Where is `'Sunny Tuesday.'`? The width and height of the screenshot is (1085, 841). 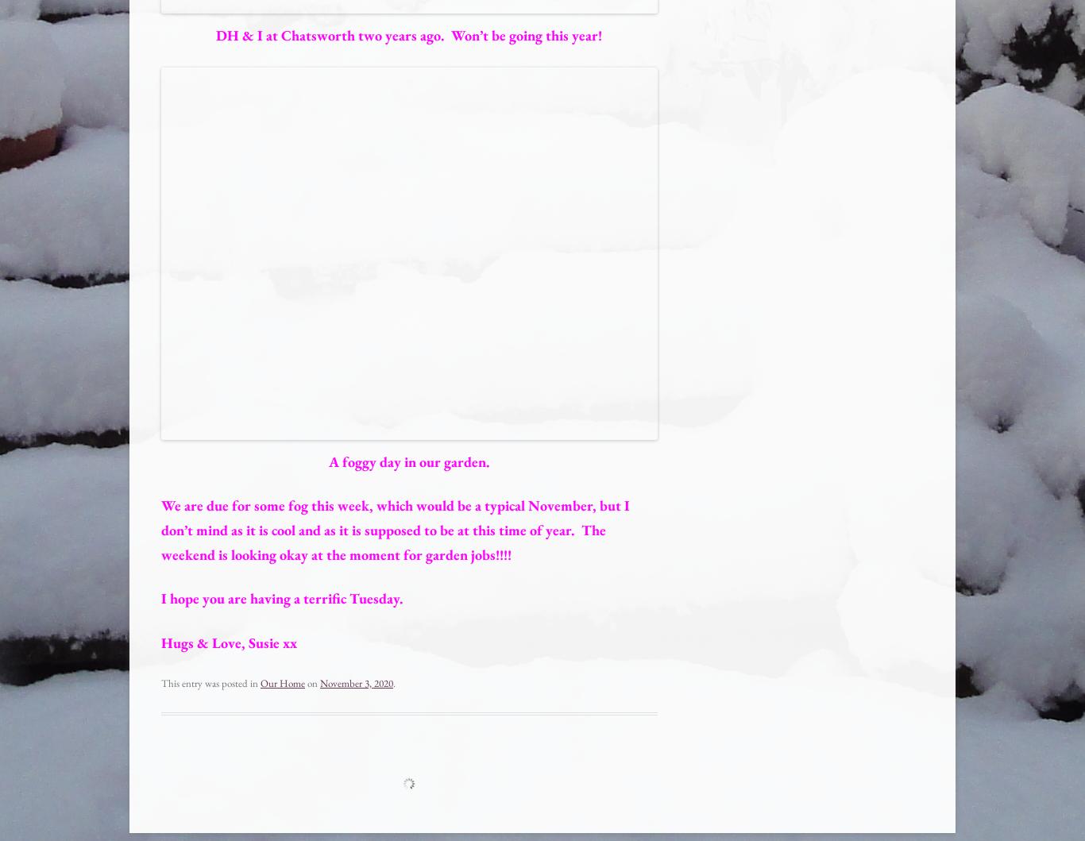 'Sunny Tuesday.' is located at coordinates (240, 785).